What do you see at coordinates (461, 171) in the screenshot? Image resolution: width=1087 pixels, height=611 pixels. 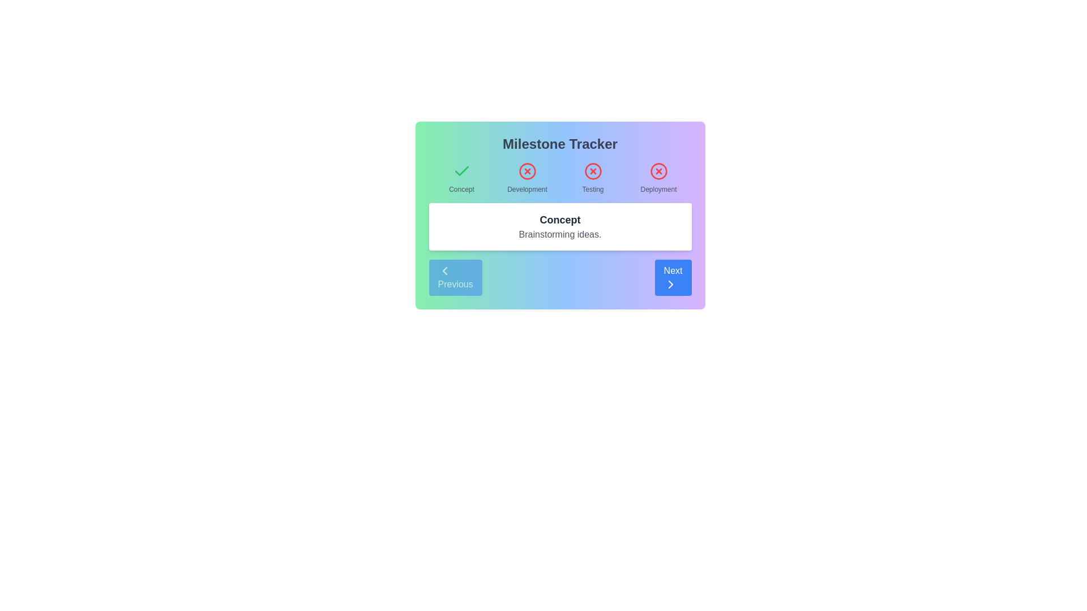 I see `the green checkmark icon that is centrally aligned and positioned above the 'Concept' text label, located in the top-left quarter of the segmented row of milestones` at bounding box center [461, 171].